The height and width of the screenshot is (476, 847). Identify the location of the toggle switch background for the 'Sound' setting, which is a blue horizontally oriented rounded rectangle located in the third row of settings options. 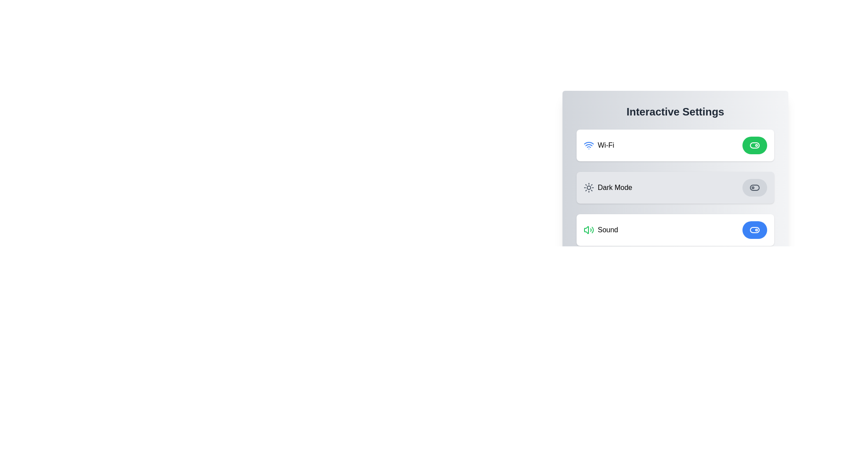
(754, 229).